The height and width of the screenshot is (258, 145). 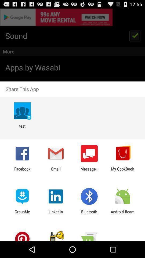 What do you see at coordinates (89, 171) in the screenshot?
I see `message+` at bounding box center [89, 171].